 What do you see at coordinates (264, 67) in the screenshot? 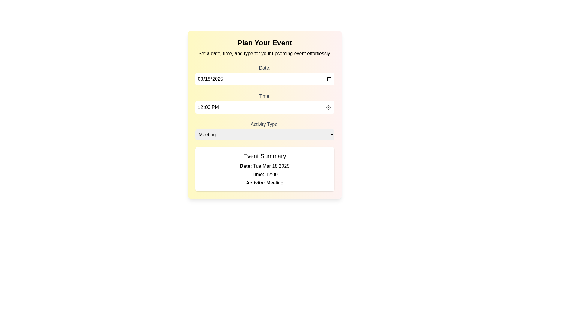
I see `the label that describes the date input field, which is located at the top of the date input row in the form interface` at bounding box center [264, 67].